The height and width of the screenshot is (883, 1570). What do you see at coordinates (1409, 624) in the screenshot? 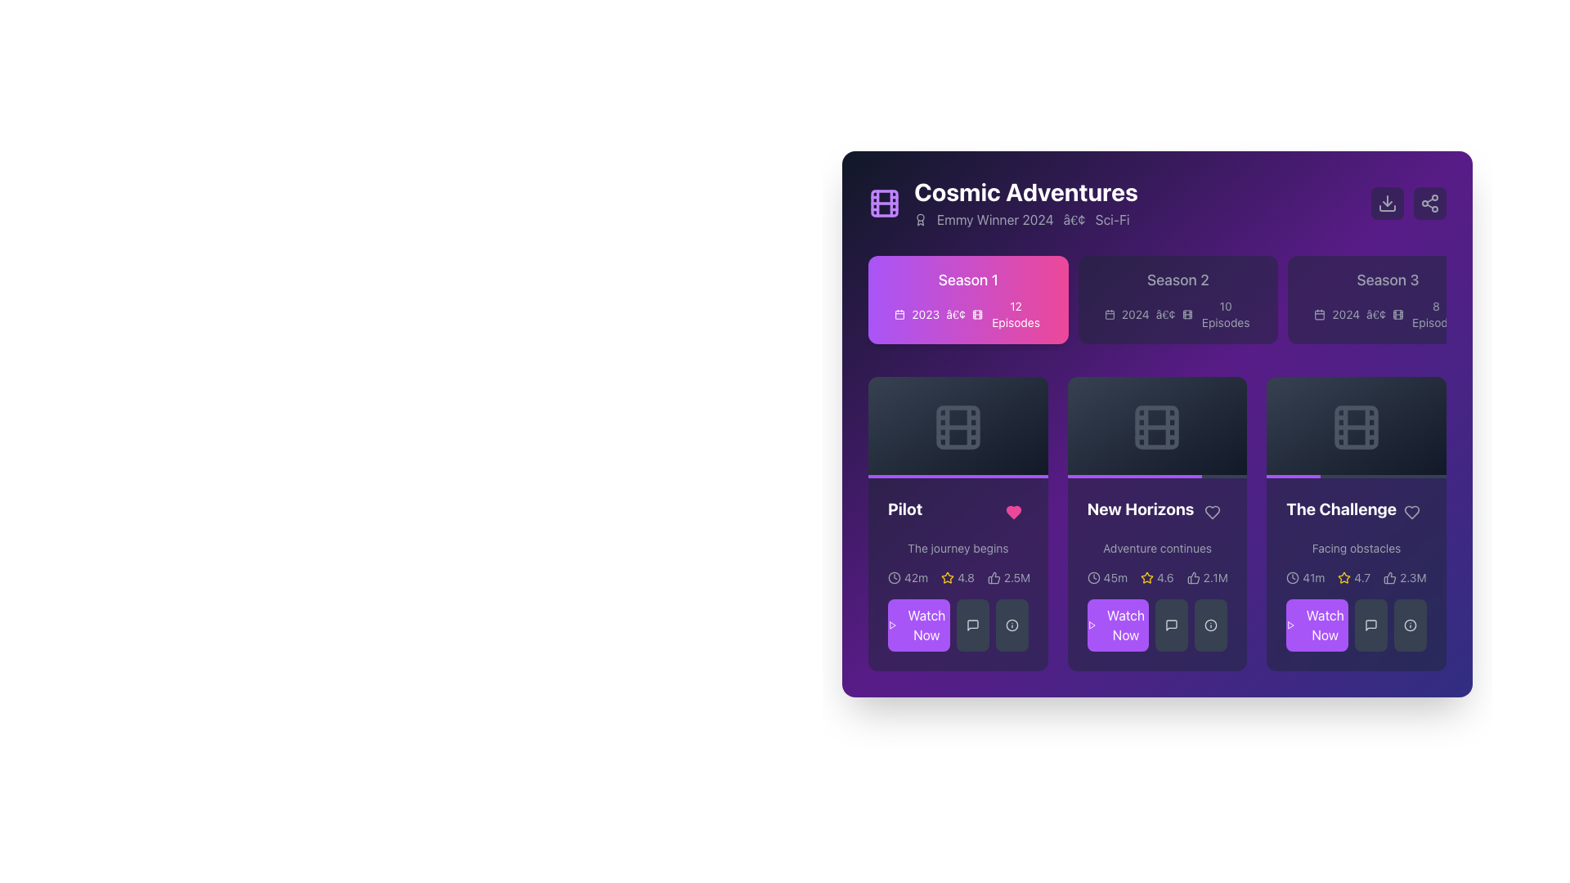
I see `the circular button with an 'i' symbol located at the bottom-right side of 'The Challenge' card` at bounding box center [1409, 624].